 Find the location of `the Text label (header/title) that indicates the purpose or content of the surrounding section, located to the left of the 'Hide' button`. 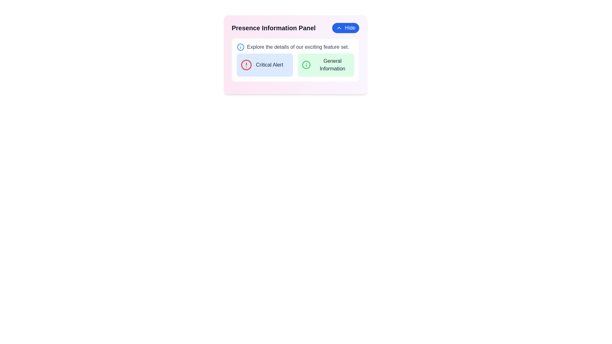

the Text label (header/title) that indicates the purpose or content of the surrounding section, located to the left of the 'Hide' button is located at coordinates (273, 28).